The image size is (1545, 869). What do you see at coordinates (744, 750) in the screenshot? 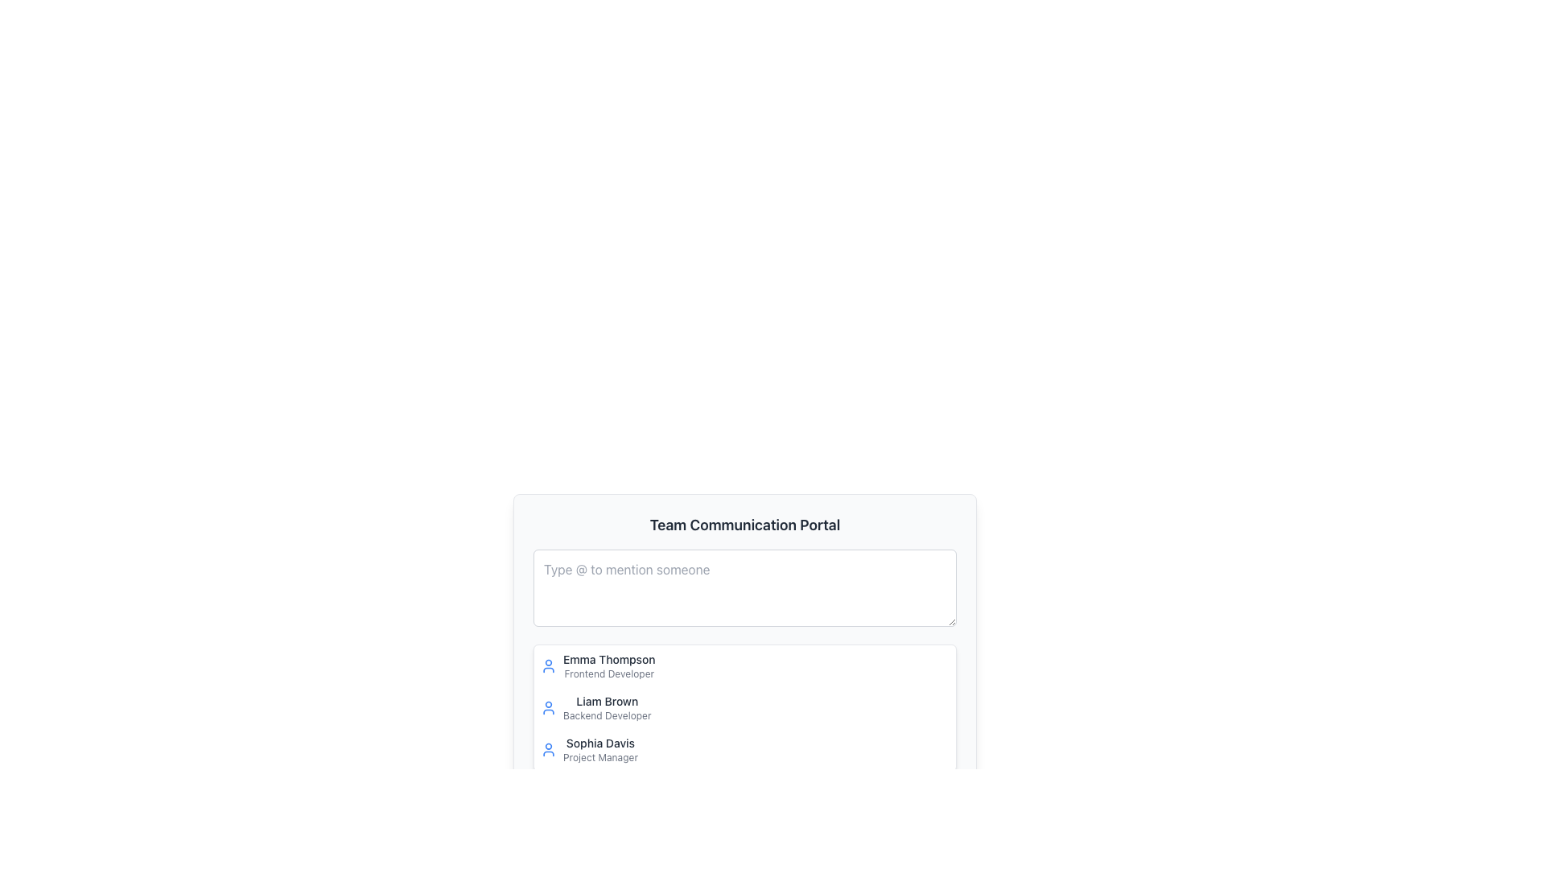
I see `the informational card for the individual in the third position of the list, which identifies the person by name and role` at bounding box center [744, 750].